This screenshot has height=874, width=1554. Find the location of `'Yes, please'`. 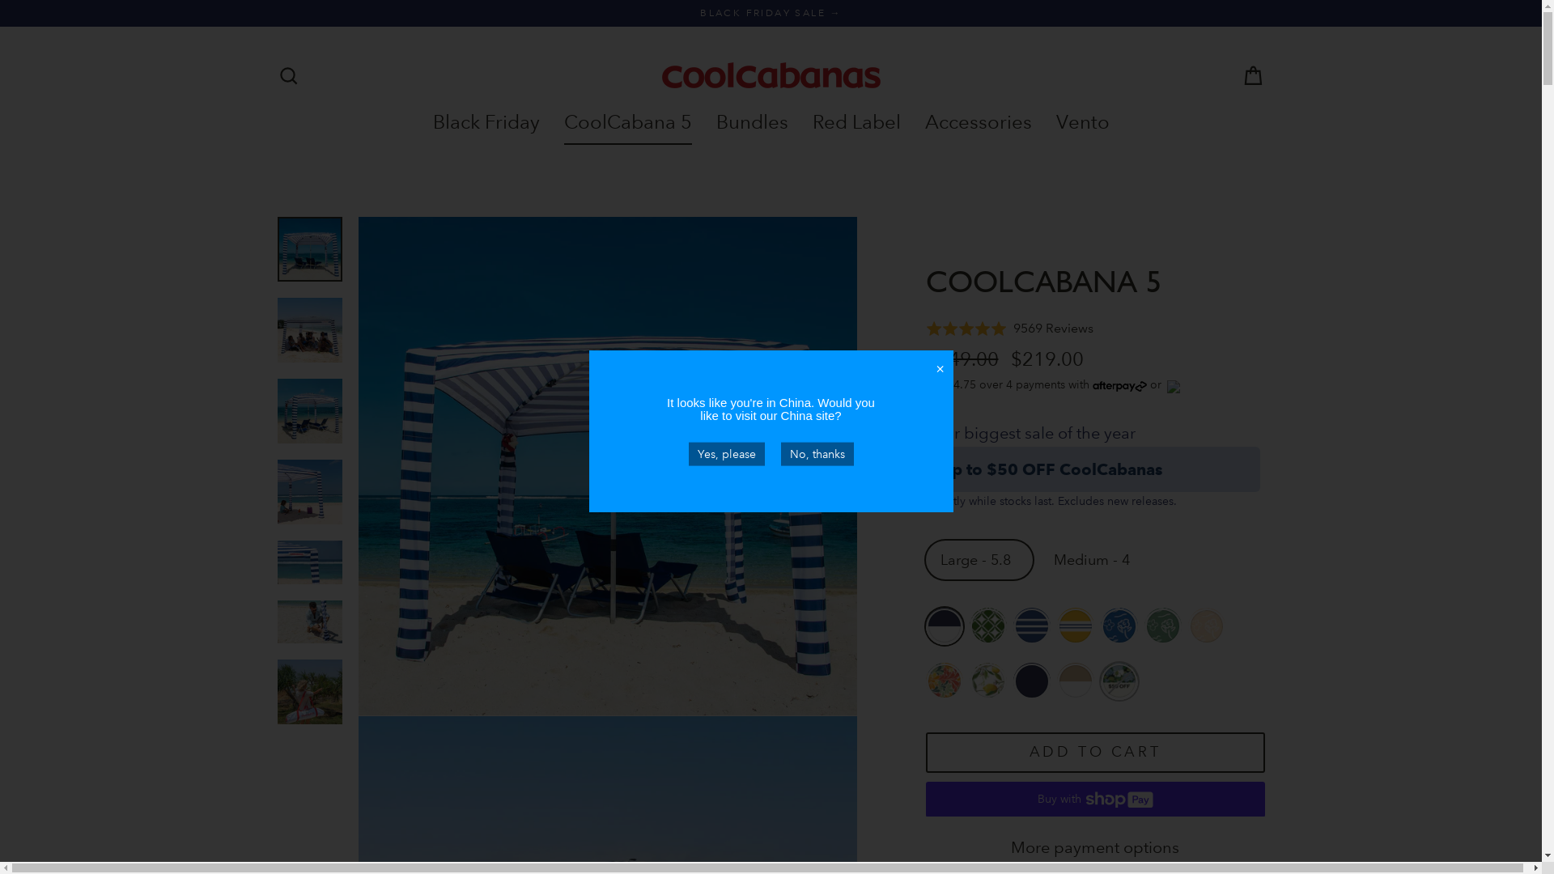

'Yes, please' is located at coordinates (687, 453).